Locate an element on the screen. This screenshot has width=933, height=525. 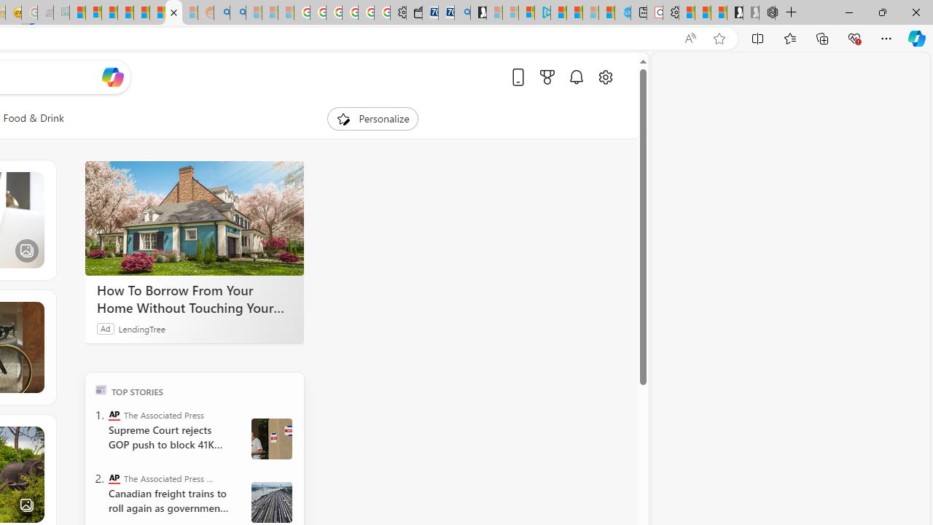
'Play Free Online Games | Games from Microsoft Start' is located at coordinates (735, 12).